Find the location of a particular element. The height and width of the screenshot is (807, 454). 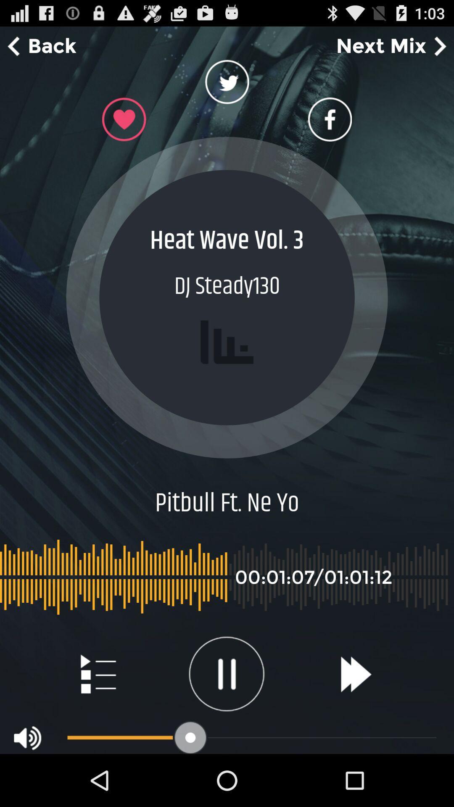

share on twitter is located at coordinates (227, 84).